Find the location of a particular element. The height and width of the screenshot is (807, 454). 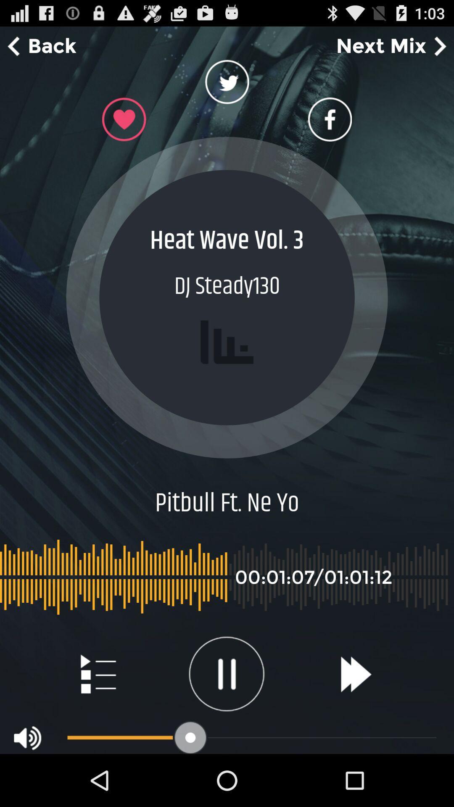

share on twitter is located at coordinates (227, 84).